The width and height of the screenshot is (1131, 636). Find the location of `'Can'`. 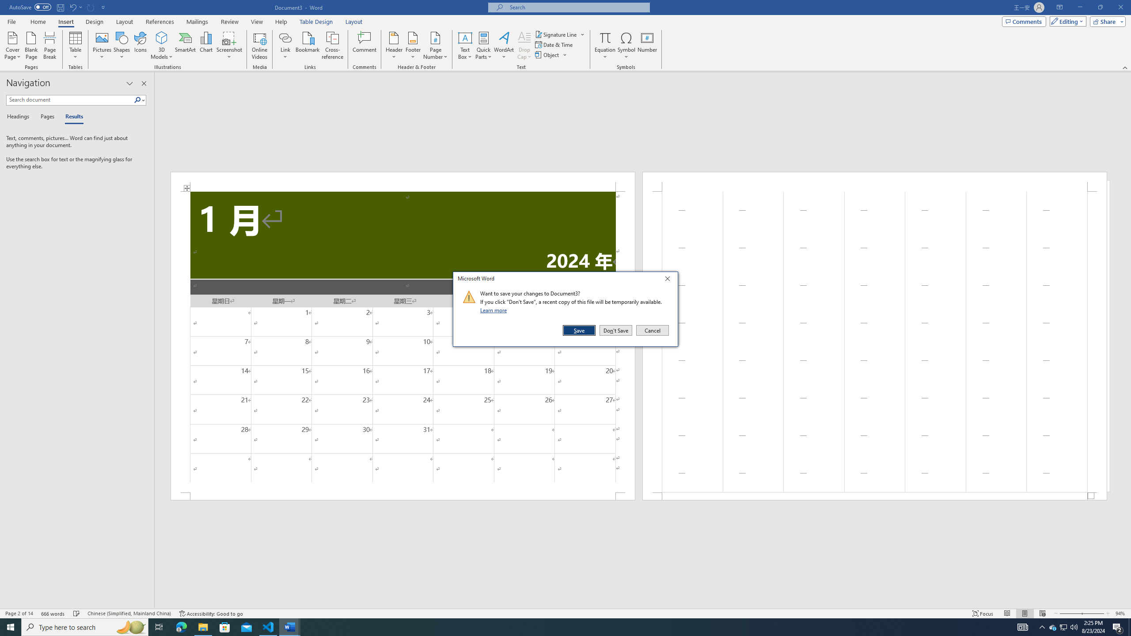

'Can' is located at coordinates (91, 7).